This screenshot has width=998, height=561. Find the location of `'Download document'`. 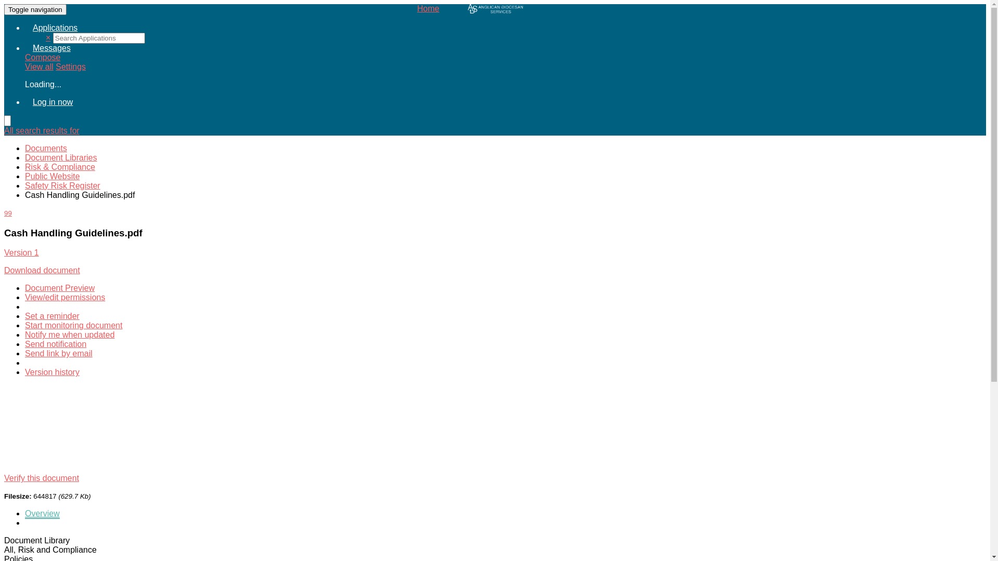

'Download document' is located at coordinates (42, 270).